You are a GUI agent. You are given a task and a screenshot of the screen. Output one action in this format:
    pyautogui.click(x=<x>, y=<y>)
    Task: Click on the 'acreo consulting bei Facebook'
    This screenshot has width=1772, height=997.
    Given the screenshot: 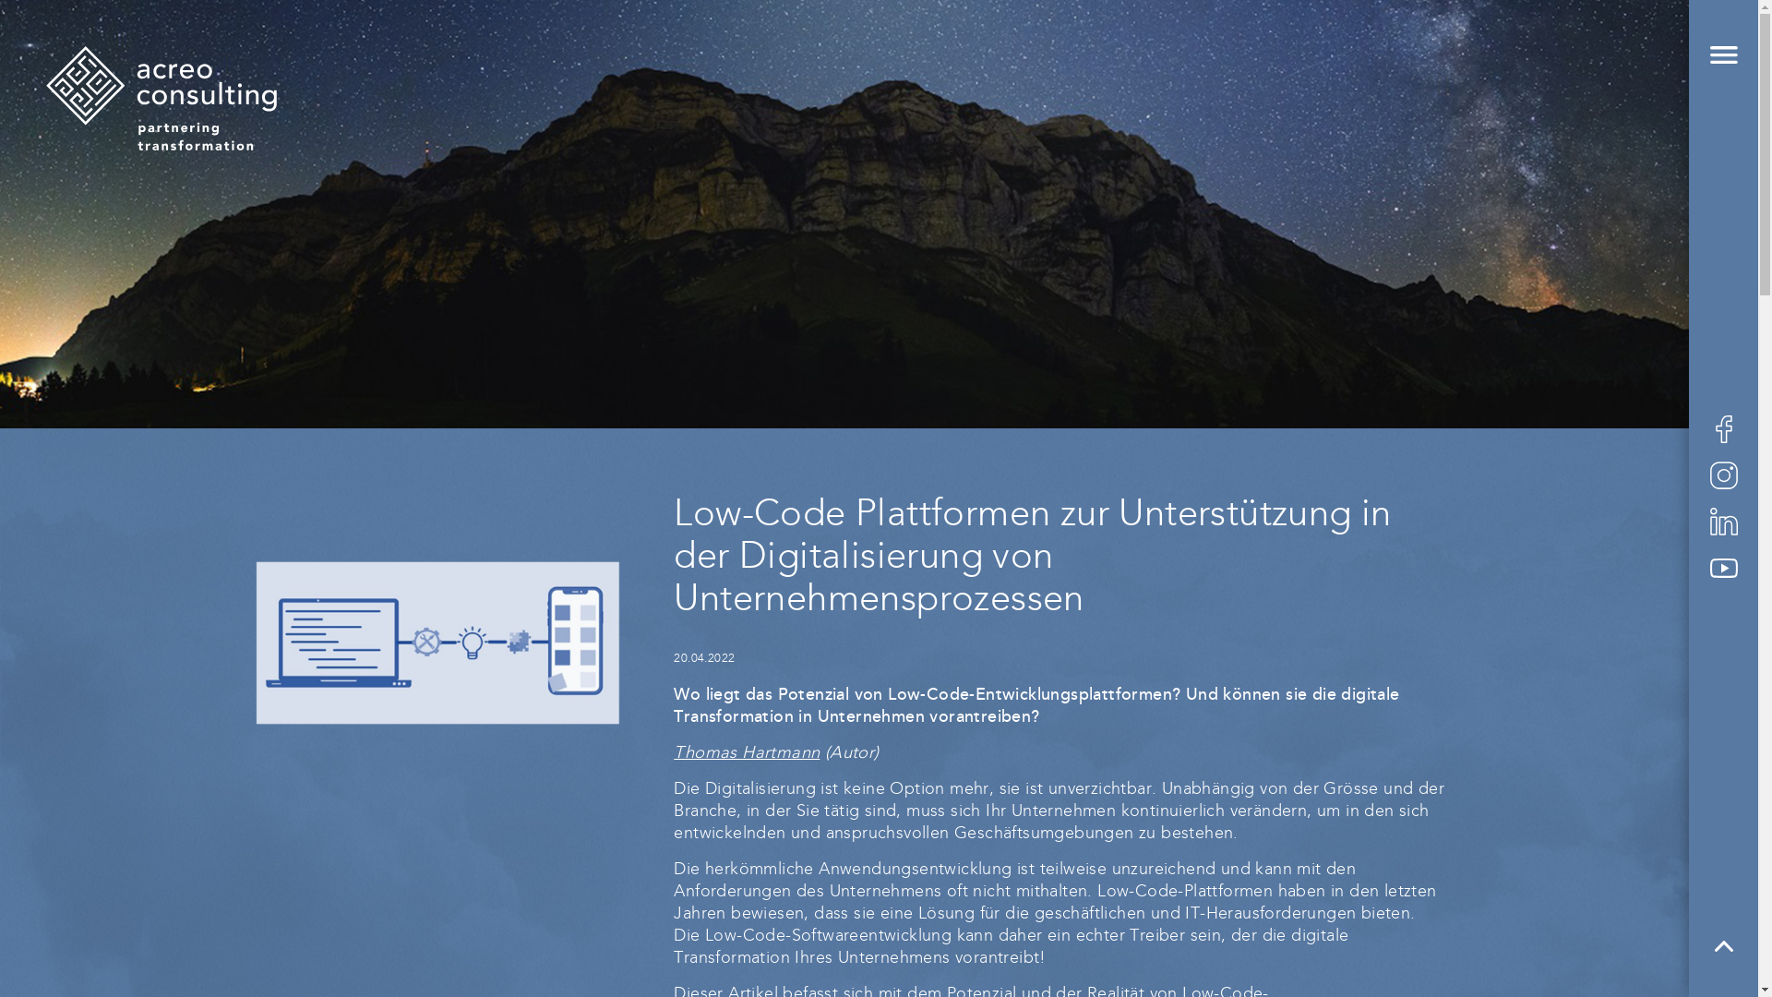 What is the action you would take?
    pyautogui.click(x=1722, y=429)
    